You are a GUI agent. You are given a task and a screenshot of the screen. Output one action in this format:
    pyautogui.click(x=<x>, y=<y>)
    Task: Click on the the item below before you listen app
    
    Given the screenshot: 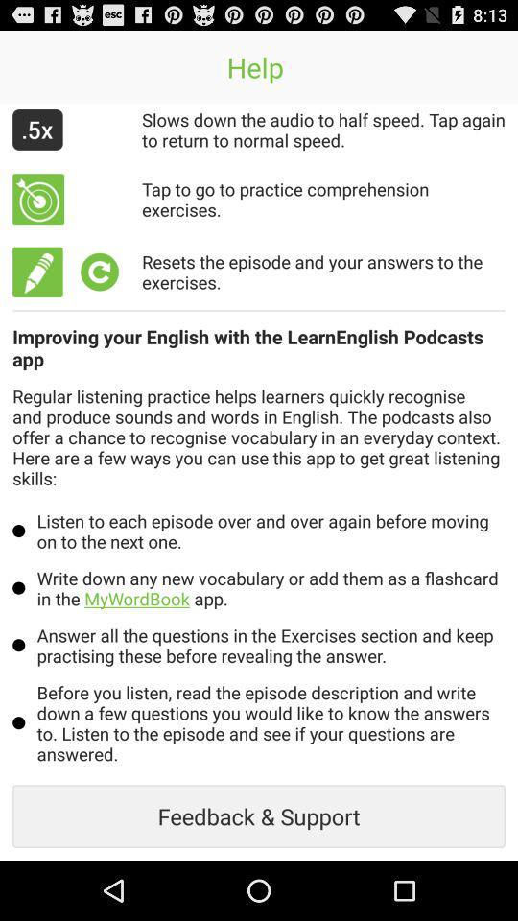 What is the action you would take?
    pyautogui.click(x=259, y=815)
    